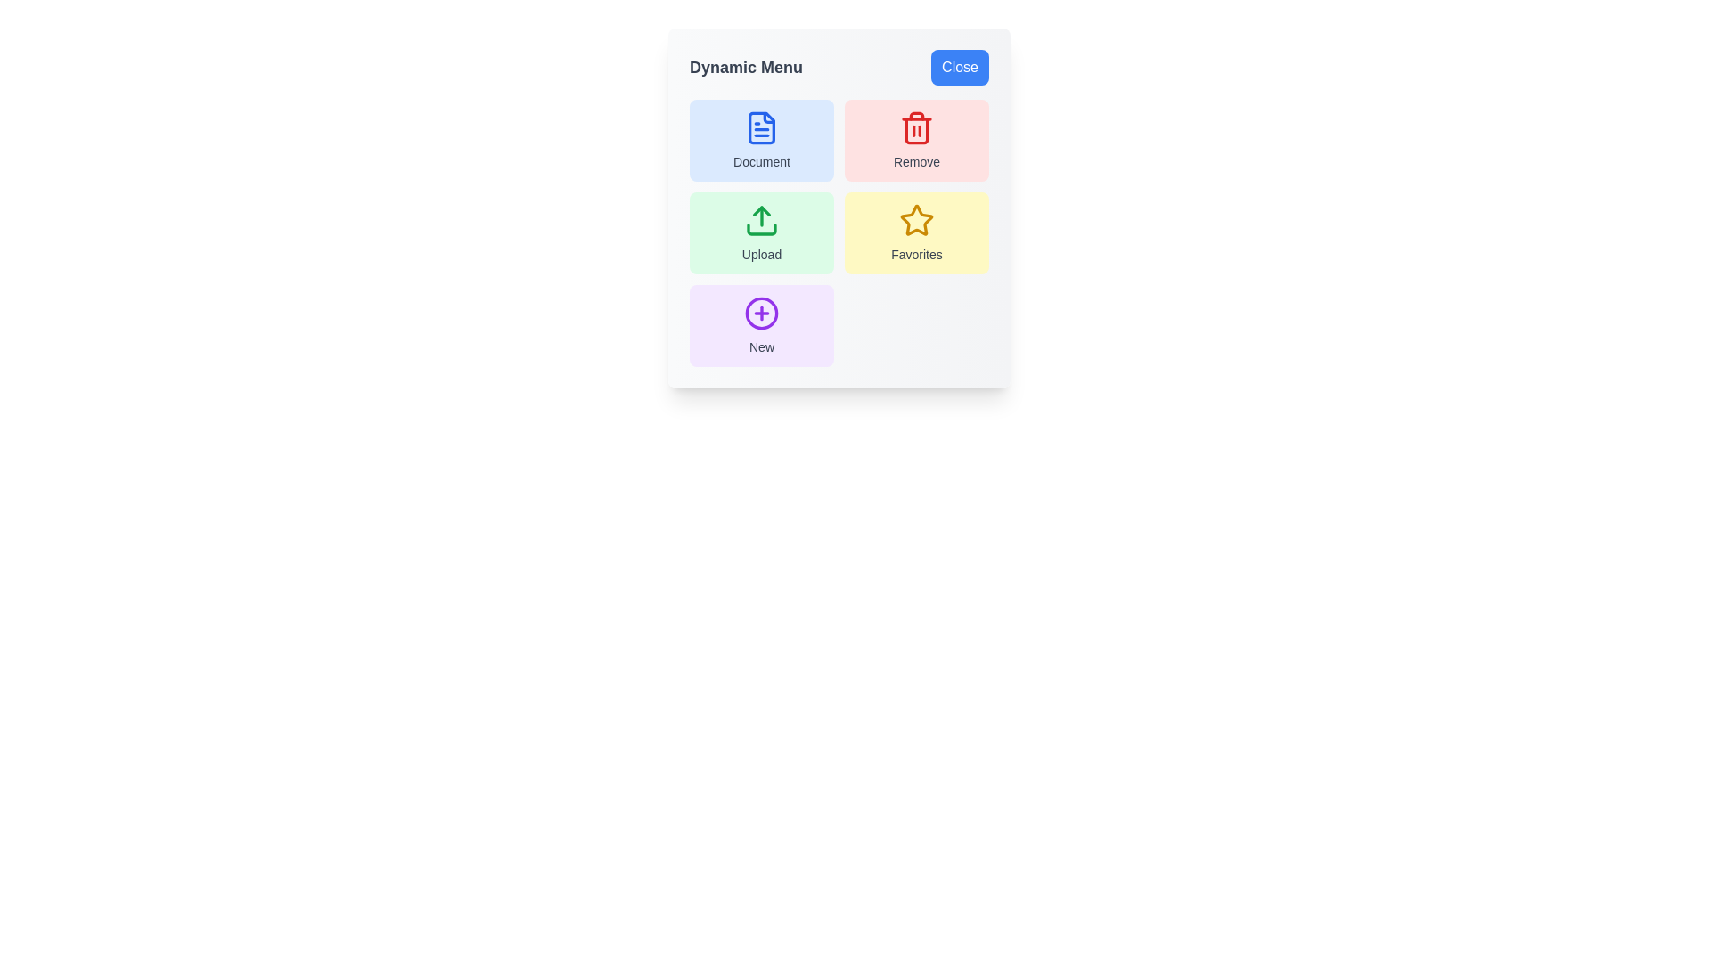  I want to click on the 'New' button located in the bottom-left area of the grid layout to initiate a new item action, so click(761, 312).